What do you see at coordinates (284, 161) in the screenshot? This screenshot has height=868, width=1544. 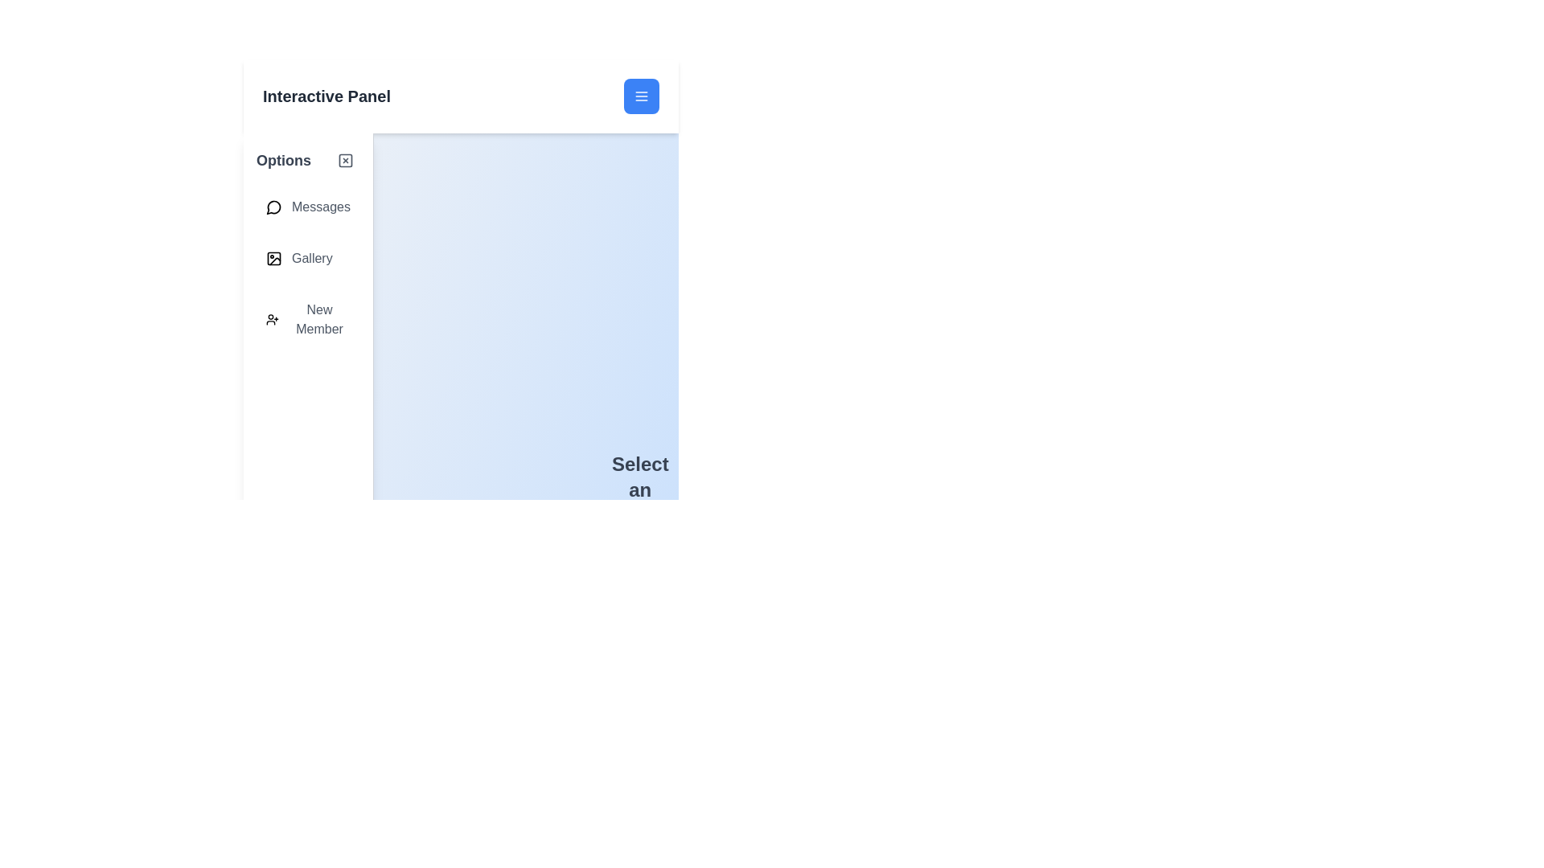 I see `the bold-text UI component displaying 'Options' located in the upper-left portion of the interface, styled with gray color and larger font size` at bounding box center [284, 161].